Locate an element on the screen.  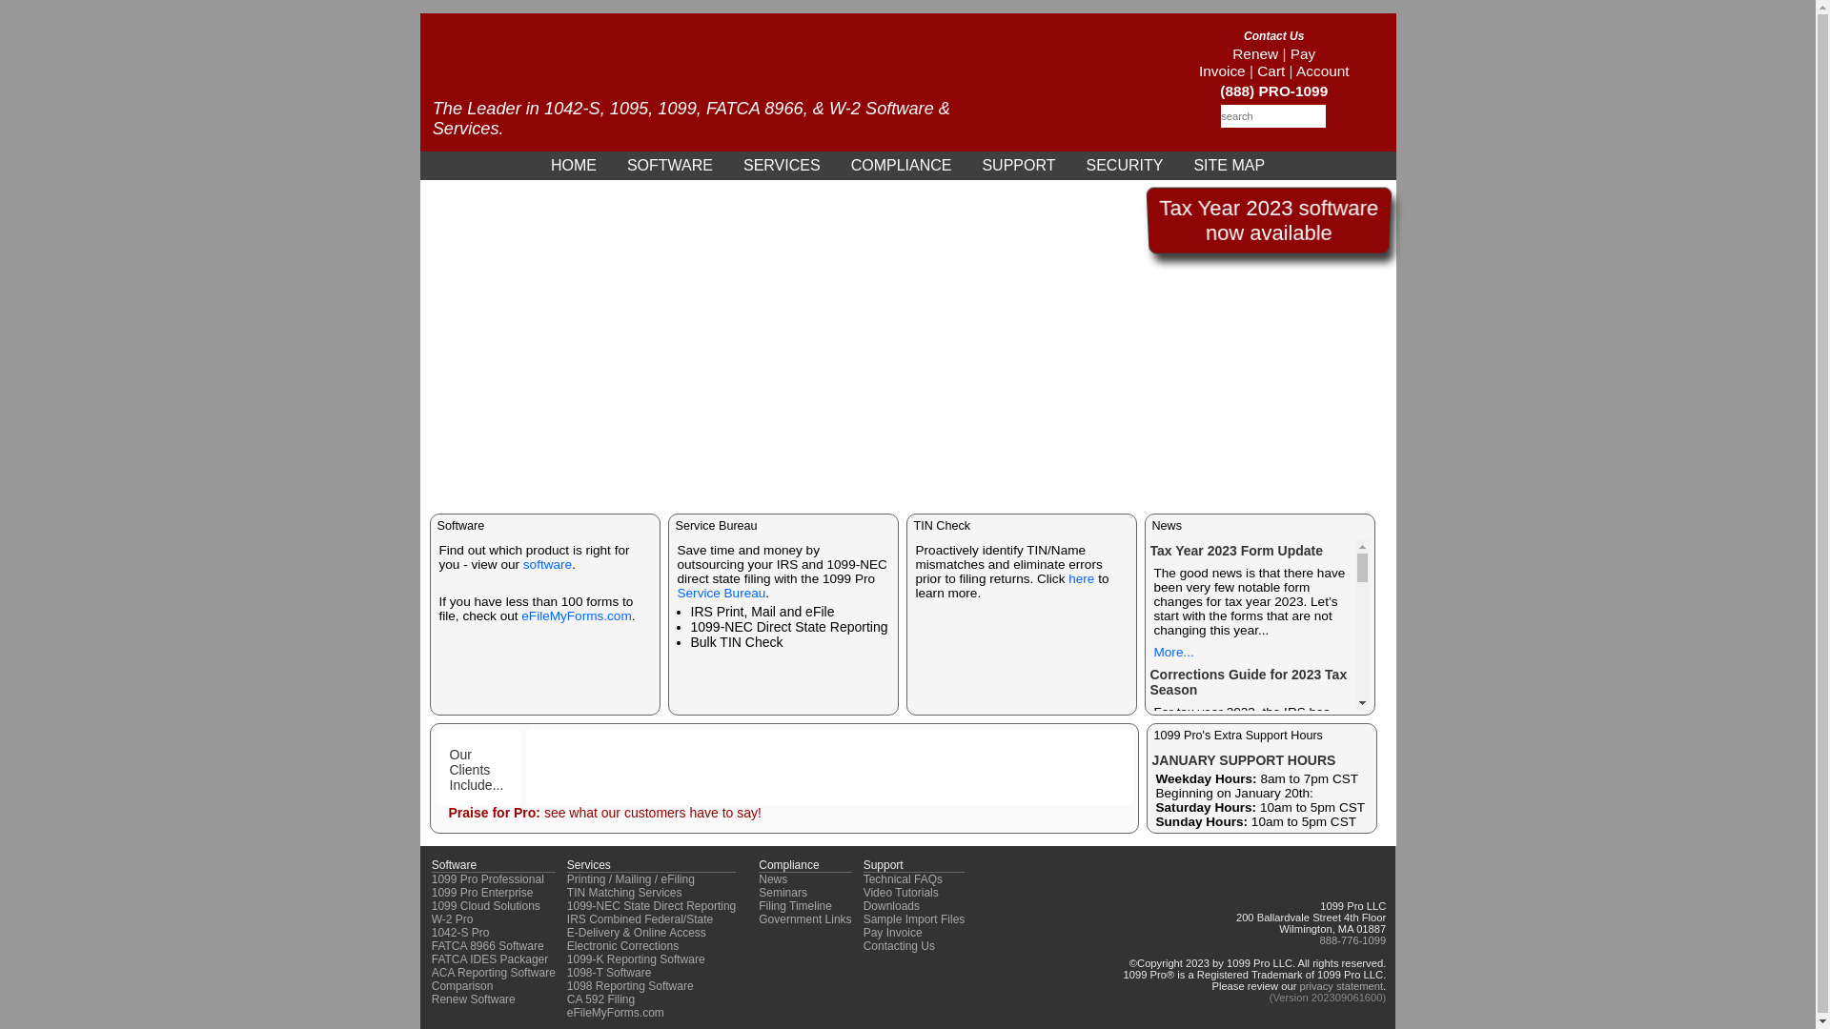
'E-Delivery & Online Access' is located at coordinates (566, 932).